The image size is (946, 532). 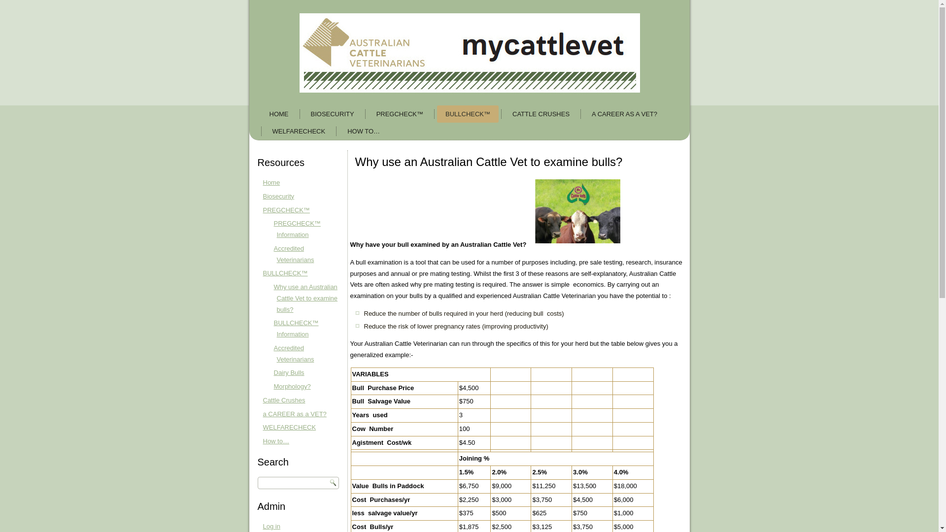 What do you see at coordinates (274, 298) in the screenshot?
I see `'Why use an Australian Cattle Vet to examine bulls?'` at bounding box center [274, 298].